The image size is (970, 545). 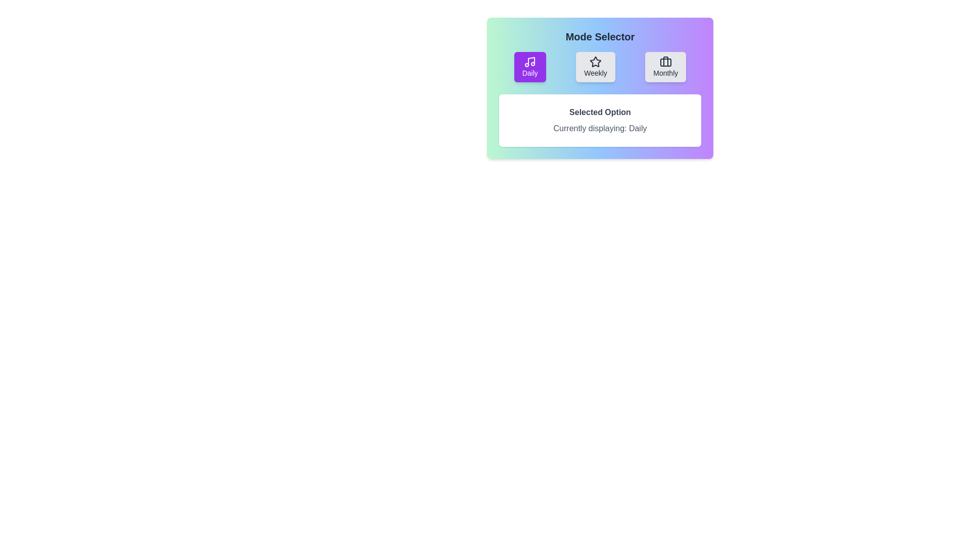 I want to click on the button that switches the application to the 'Weekly' view, positioned between the 'Daily' and 'Monthly' buttons, so click(x=596, y=67).